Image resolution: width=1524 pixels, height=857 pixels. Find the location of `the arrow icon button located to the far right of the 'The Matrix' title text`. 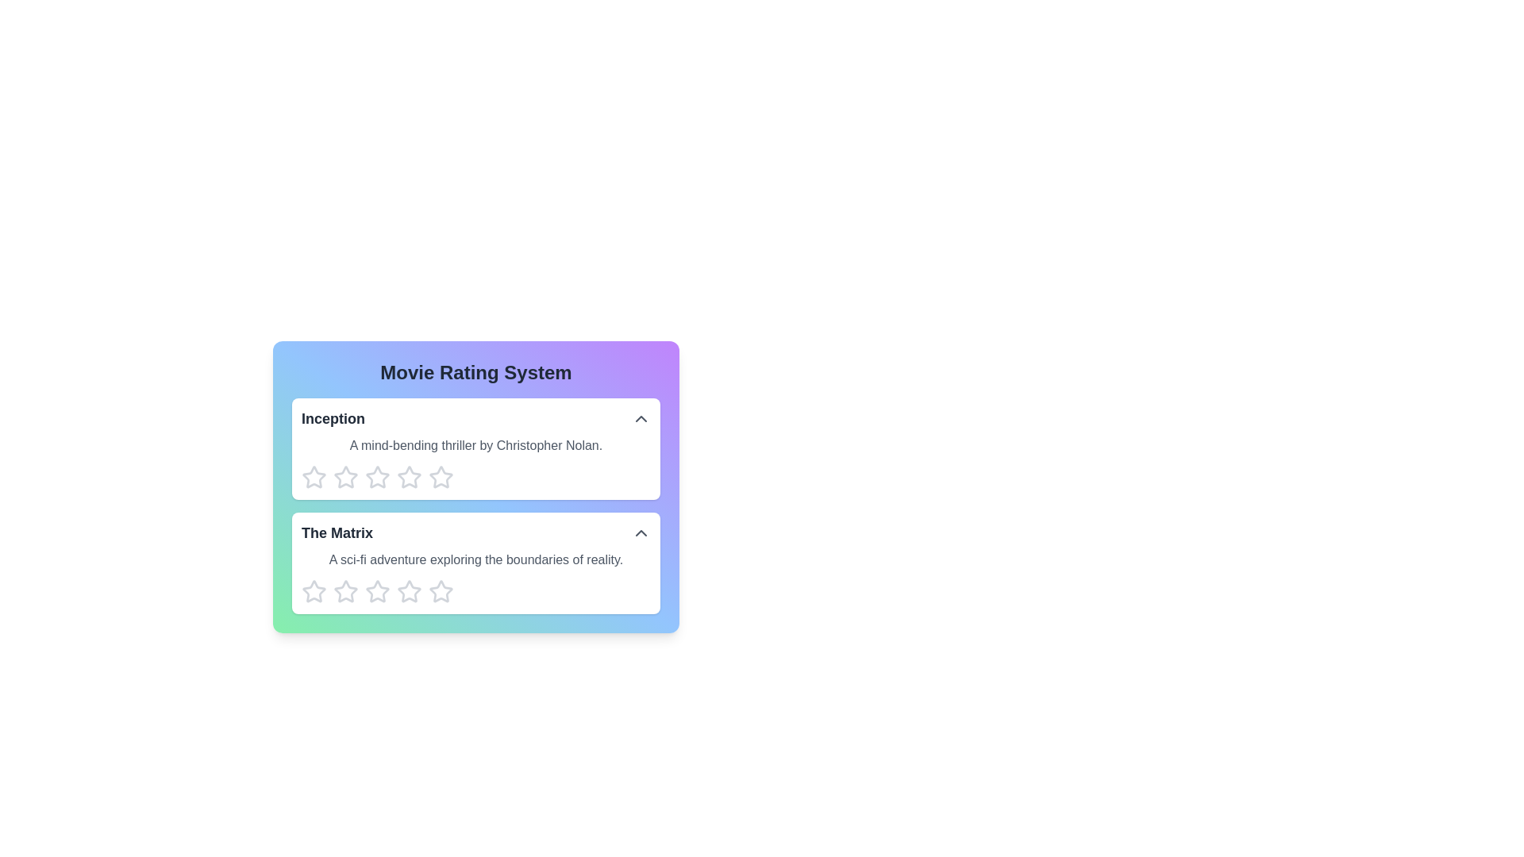

the arrow icon button located to the far right of the 'The Matrix' title text is located at coordinates (641, 532).